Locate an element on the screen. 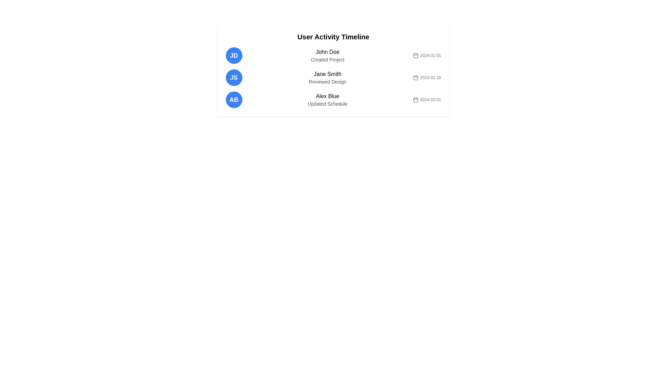 The width and height of the screenshot is (663, 373). the calendar icon associated with the date '2024-01-15' by clicking on the rectangular component that highlights the date is located at coordinates (415, 78).